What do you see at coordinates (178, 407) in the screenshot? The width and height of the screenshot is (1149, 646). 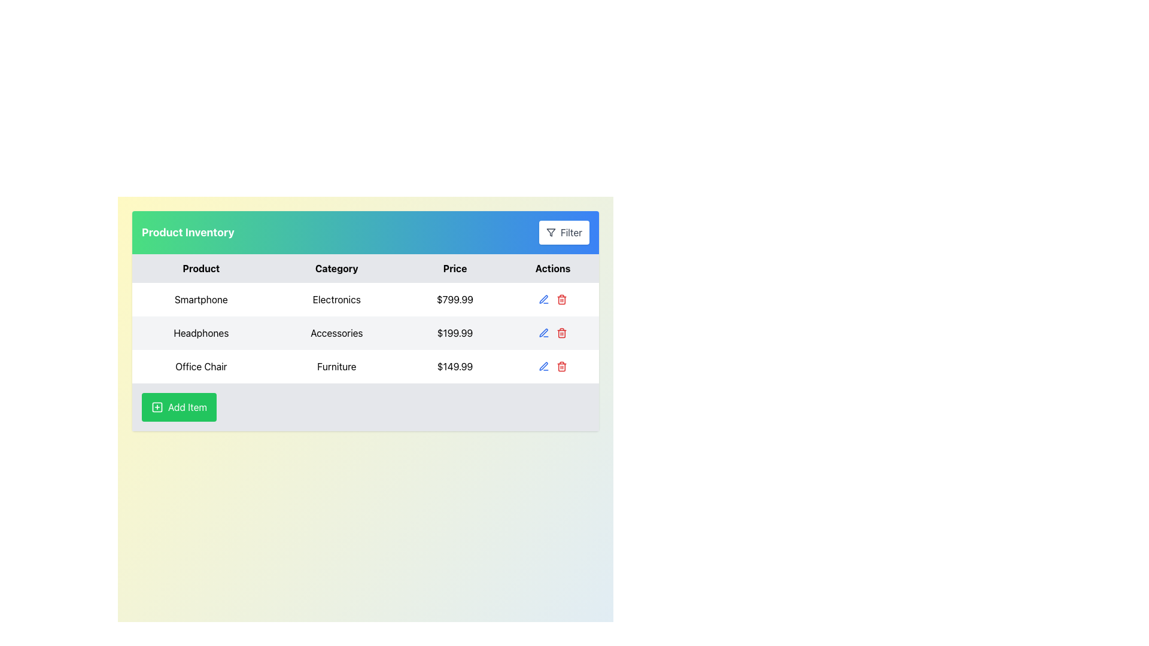 I see `the 'Add Item' button with a green background, rounded corners, and white text` at bounding box center [178, 407].